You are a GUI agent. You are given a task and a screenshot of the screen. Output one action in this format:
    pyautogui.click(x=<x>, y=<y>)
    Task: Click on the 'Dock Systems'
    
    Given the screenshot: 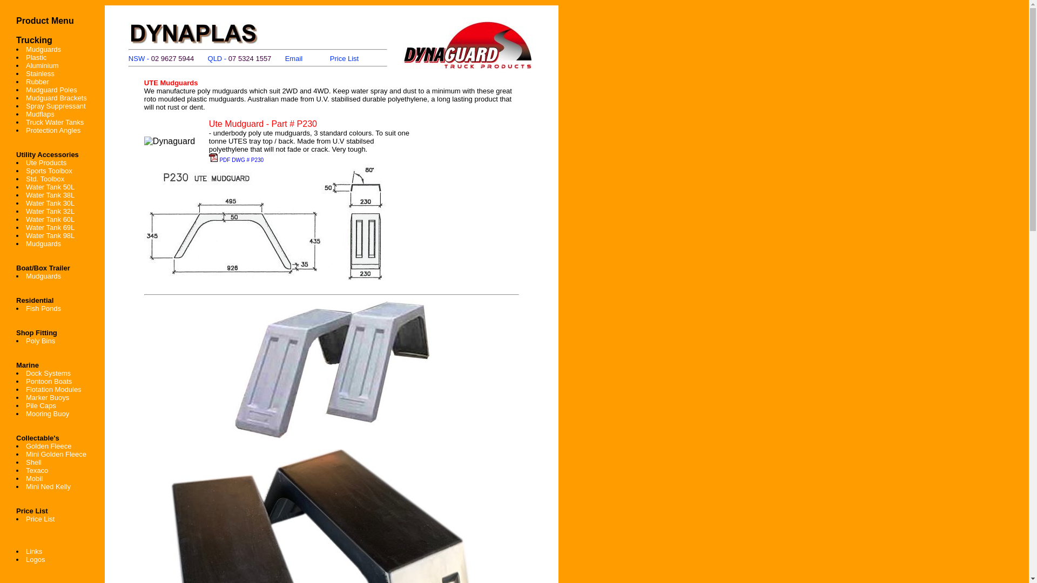 What is the action you would take?
    pyautogui.click(x=48, y=372)
    